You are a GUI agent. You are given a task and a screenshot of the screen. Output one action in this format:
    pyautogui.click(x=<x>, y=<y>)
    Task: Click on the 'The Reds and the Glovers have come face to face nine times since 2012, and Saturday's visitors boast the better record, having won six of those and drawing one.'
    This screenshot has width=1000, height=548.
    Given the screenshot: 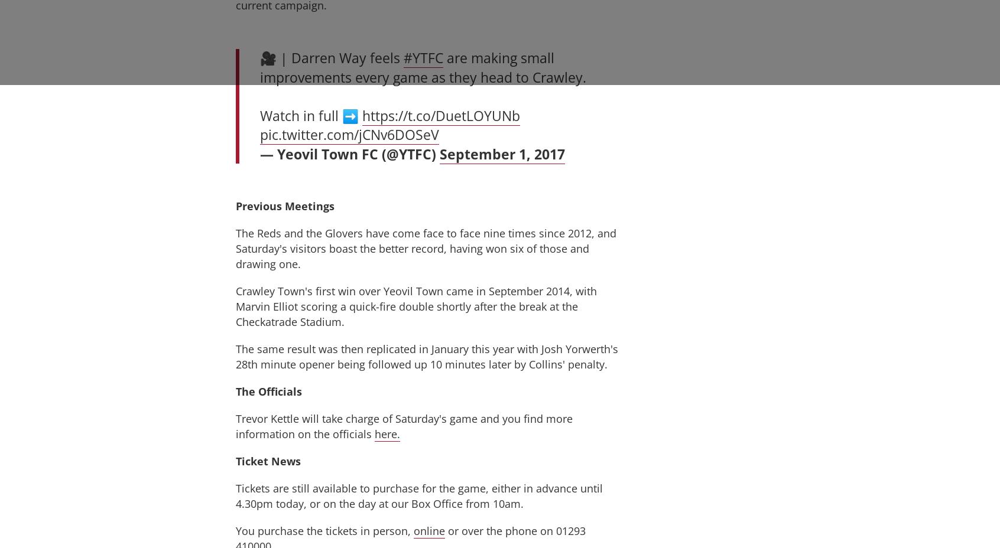 What is the action you would take?
    pyautogui.click(x=425, y=249)
    